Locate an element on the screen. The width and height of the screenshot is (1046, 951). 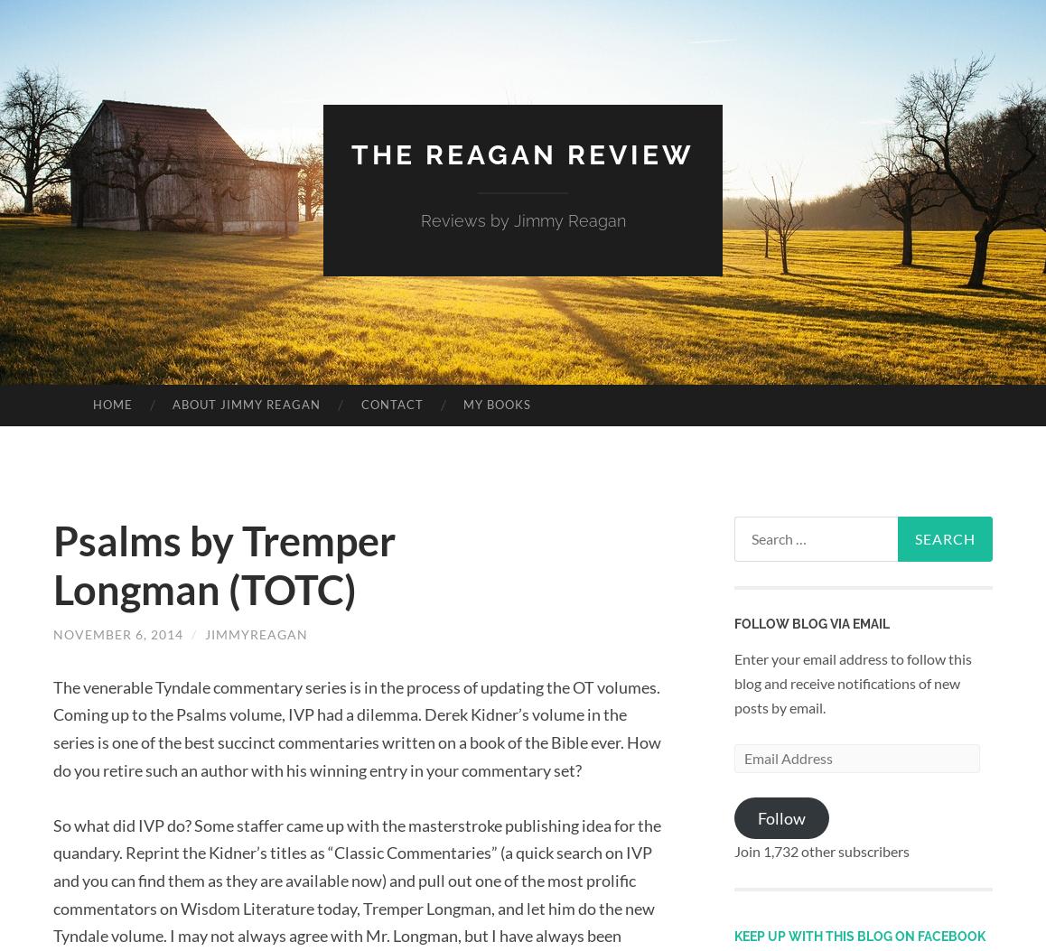
'The venerable Tyndale  commentary series is in the process of updating the OT volumes. Coming up to the Psalms volume, IVP had a dilemma. Derek Kidner’s volume in the series is one of the best succinct commentaries written on a book of the Bible ever. How do you retire such an author with his winning entry in your commentary set?' is located at coordinates (356, 727).